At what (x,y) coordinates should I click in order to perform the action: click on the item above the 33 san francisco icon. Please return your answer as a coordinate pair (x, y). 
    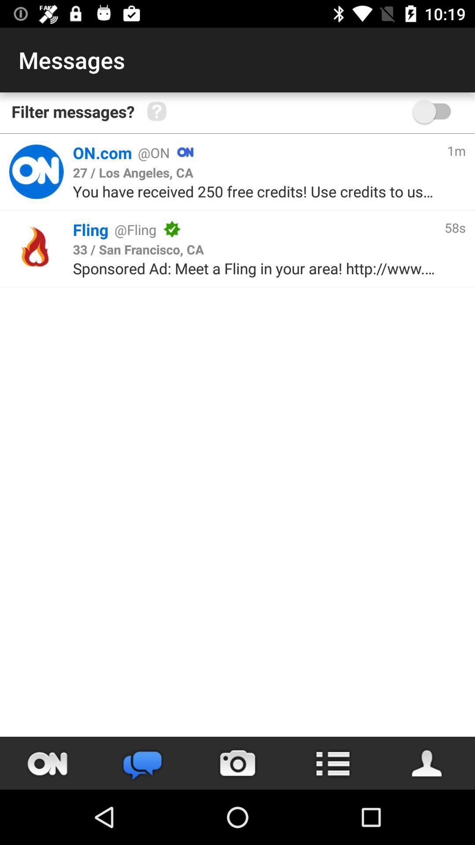
    Looking at the image, I should click on (307, 229).